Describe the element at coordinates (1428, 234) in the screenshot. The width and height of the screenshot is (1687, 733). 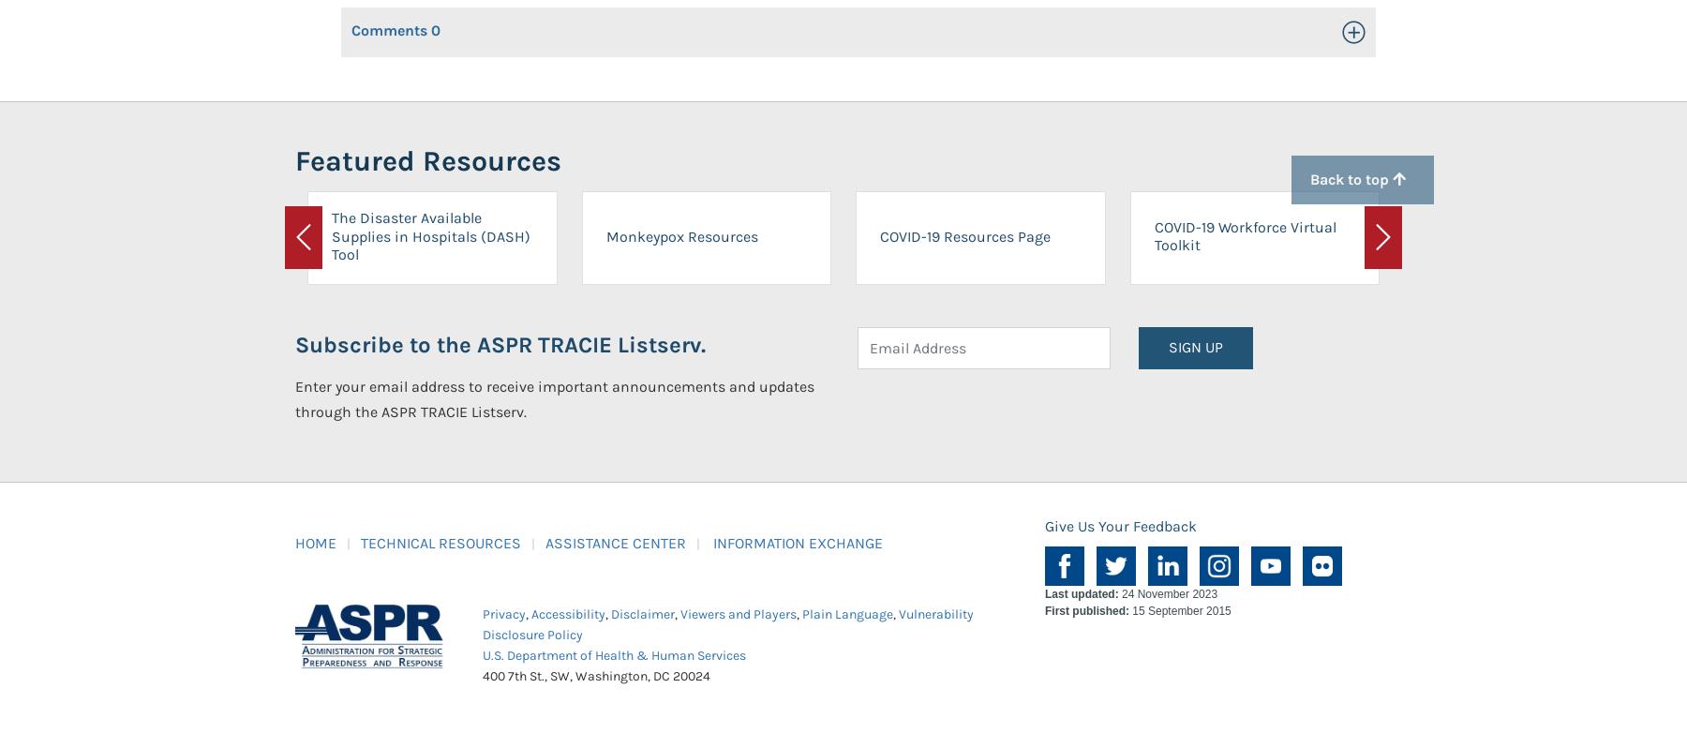
I see `'CDC's Coronavirus (COVID-19) Page'` at that location.